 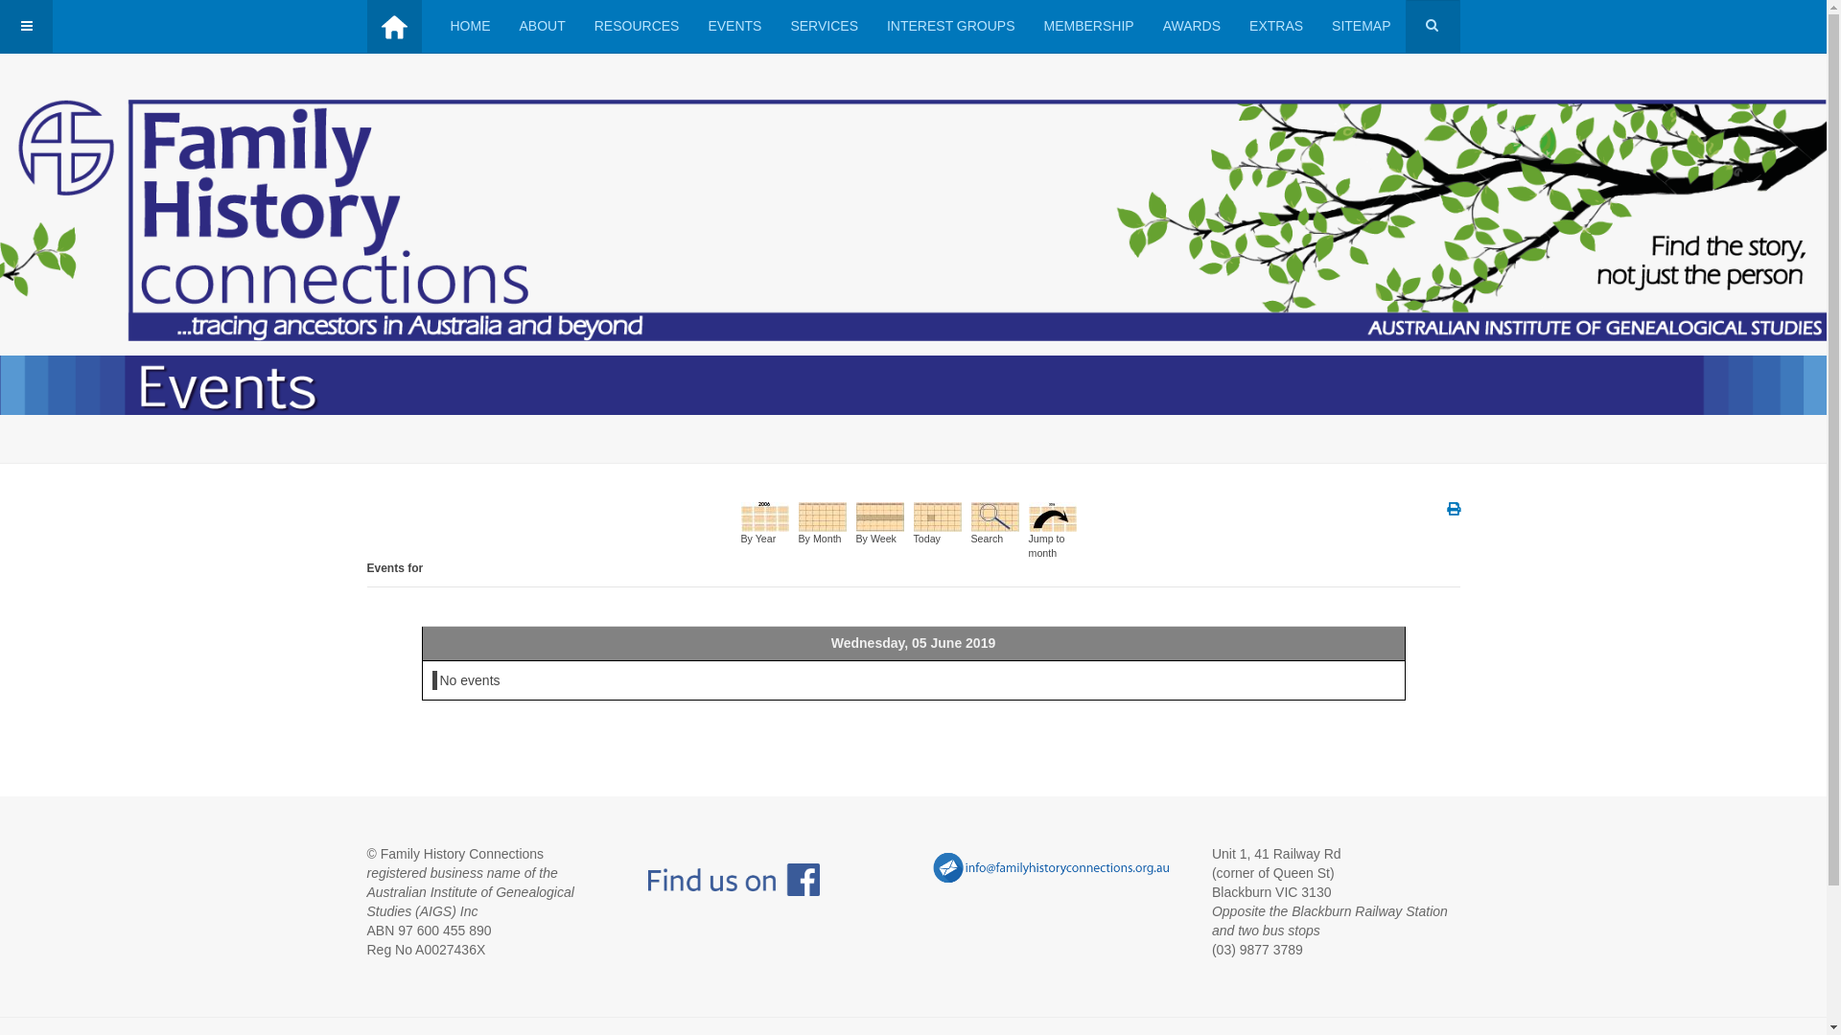 What do you see at coordinates (542, 26) in the screenshot?
I see `'ABOUT'` at bounding box center [542, 26].